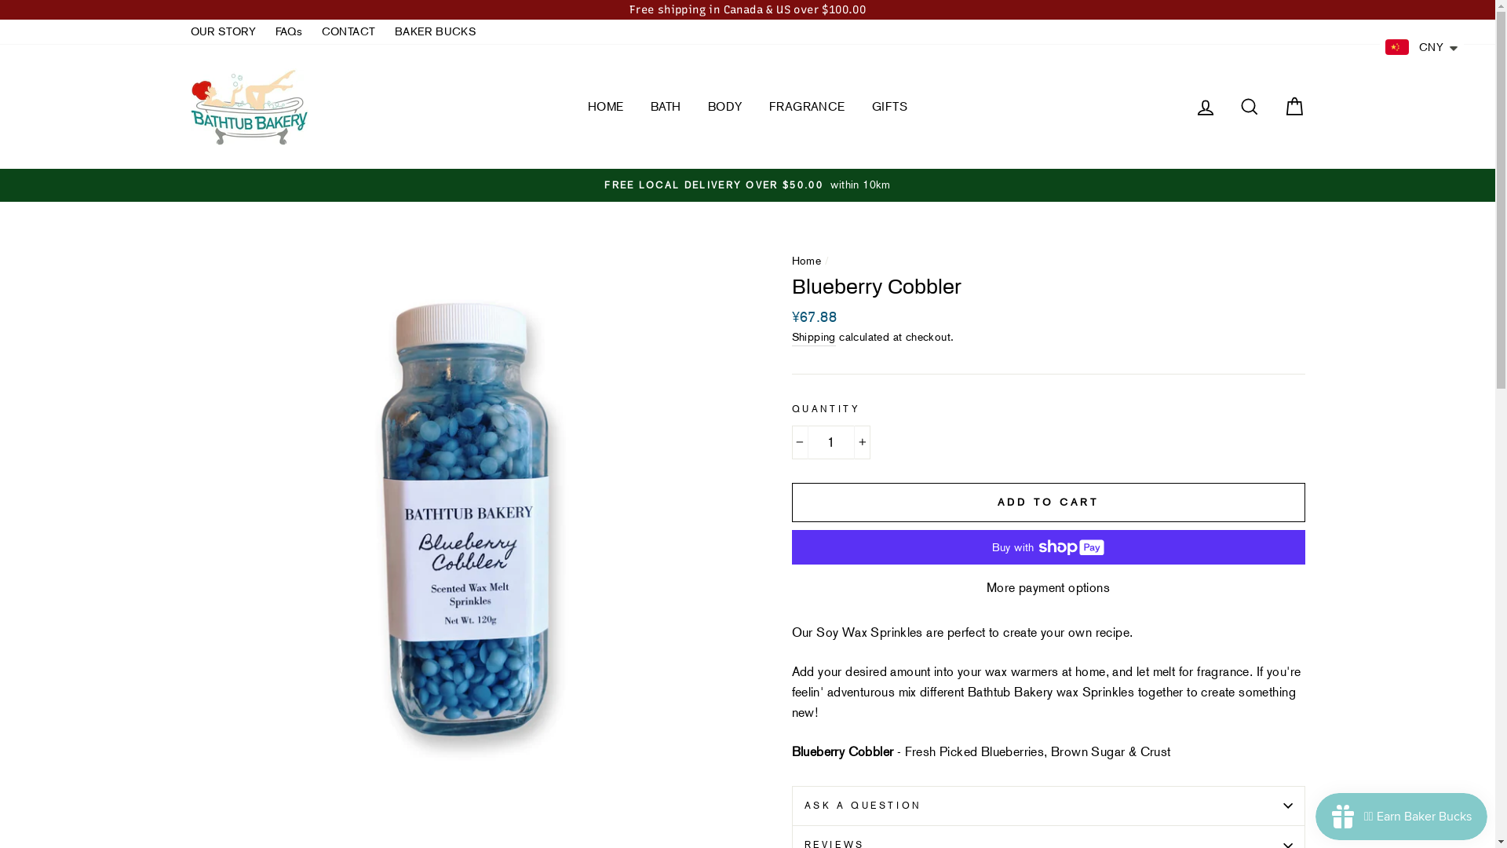 This screenshot has height=848, width=1507. I want to click on '+', so click(861, 442).